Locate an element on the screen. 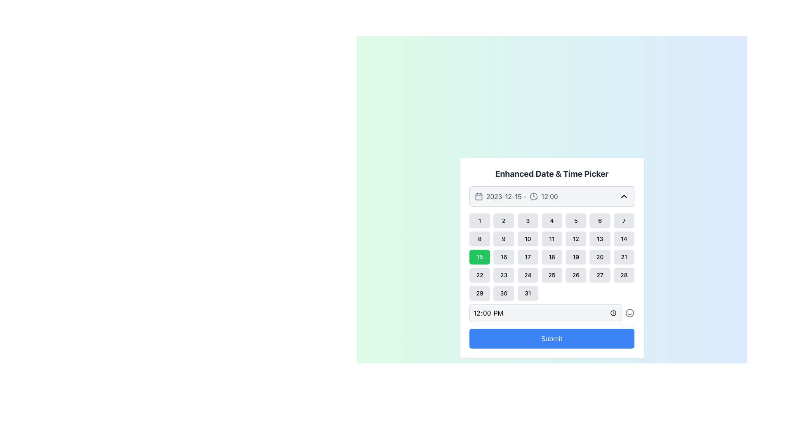 This screenshot has height=445, width=792. the date button representing the selectable date '27' in the date picker interface is located at coordinates (600, 275).